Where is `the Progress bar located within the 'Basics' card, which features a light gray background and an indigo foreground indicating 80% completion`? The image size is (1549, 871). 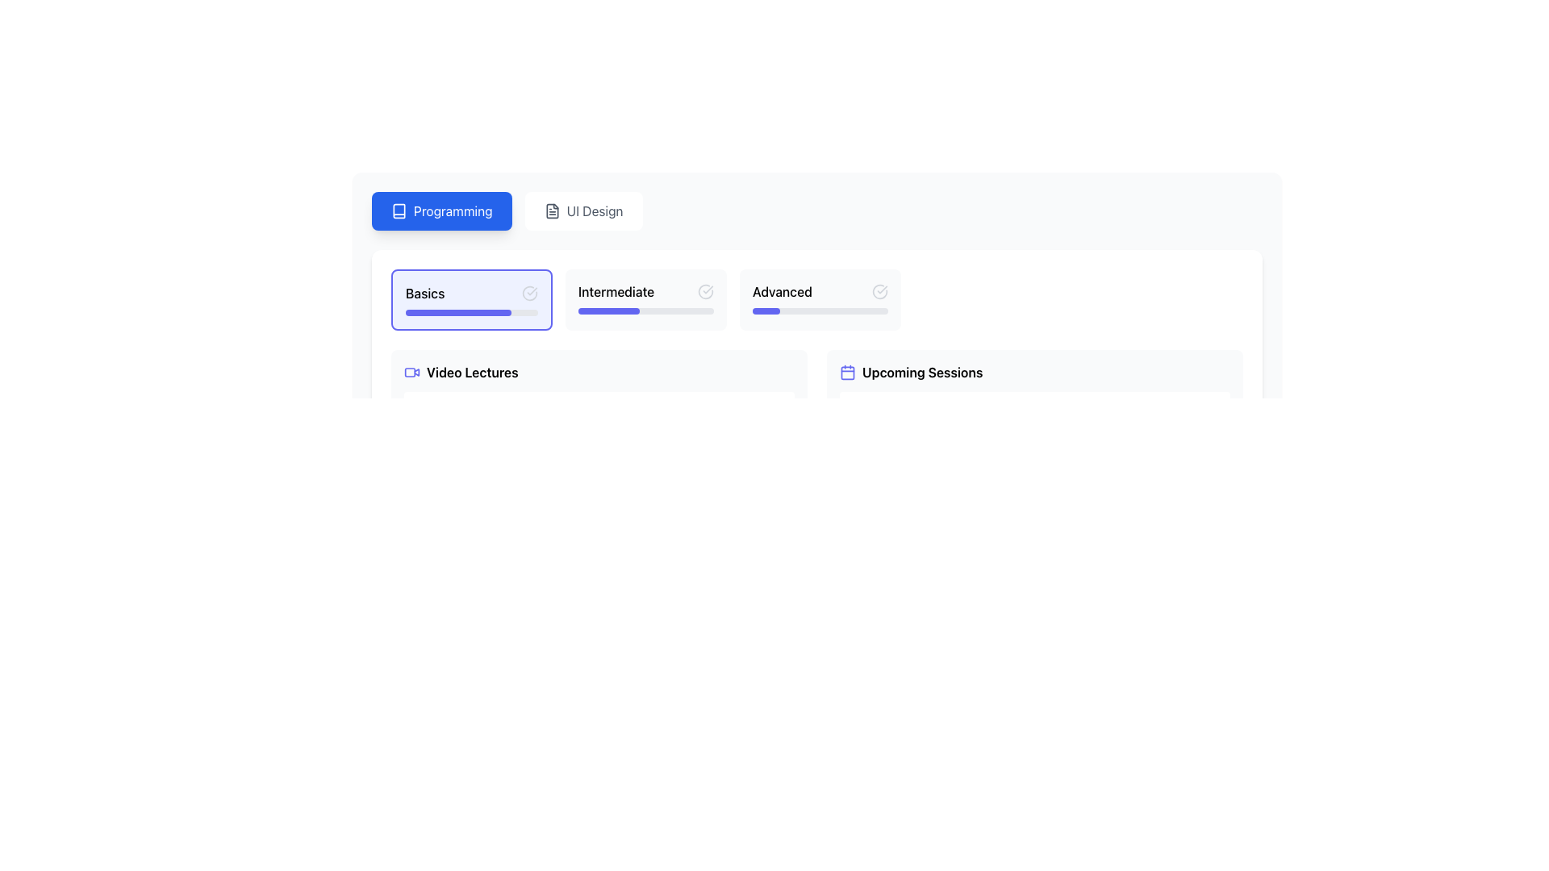 the Progress bar located within the 'Basics' card, which features a light gray background and an indigo foreground indicating 80% completion is located at coordinates (471, 313).